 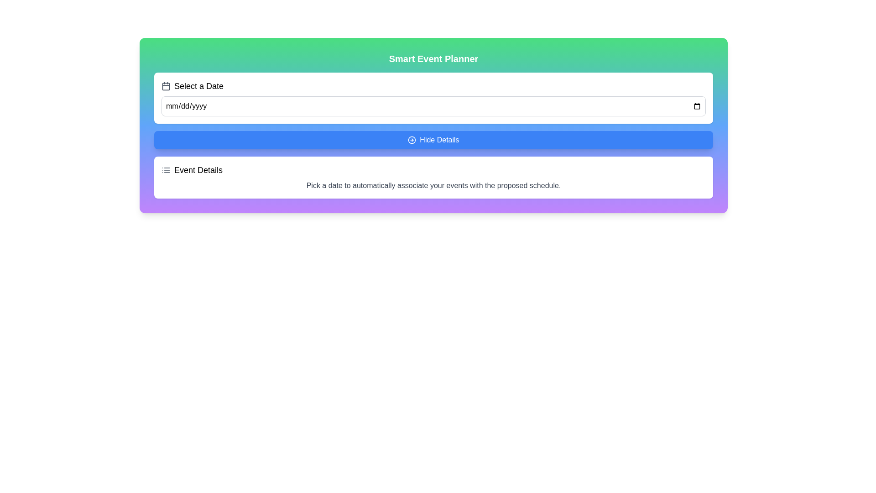 What do you see at coordinates (166, 86) in the screenshot?
I see `the date selection icon (SVG) located at the top-left corner of the 'Select a Date' section as a visual cue for date input` at bounding box center [166, 86].